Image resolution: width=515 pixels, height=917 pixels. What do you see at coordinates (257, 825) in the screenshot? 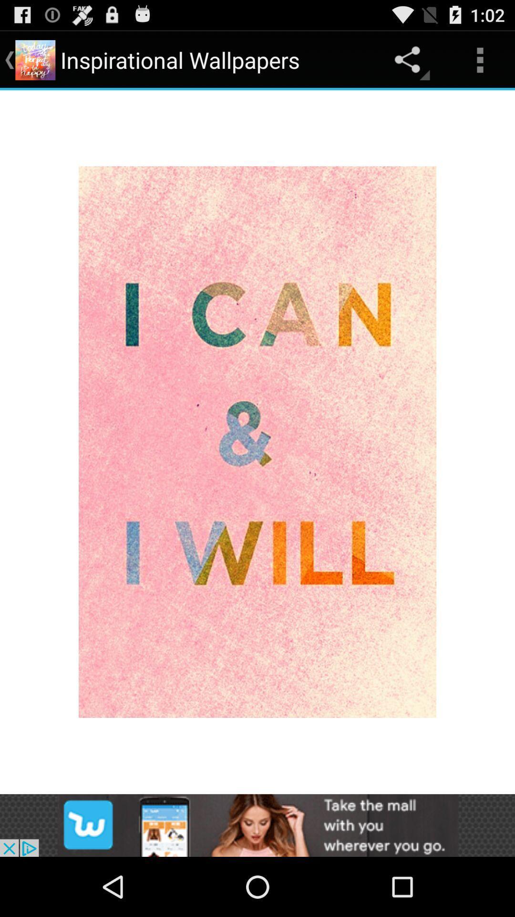
I see `so the advertisement` at bounding box center [257, 825].